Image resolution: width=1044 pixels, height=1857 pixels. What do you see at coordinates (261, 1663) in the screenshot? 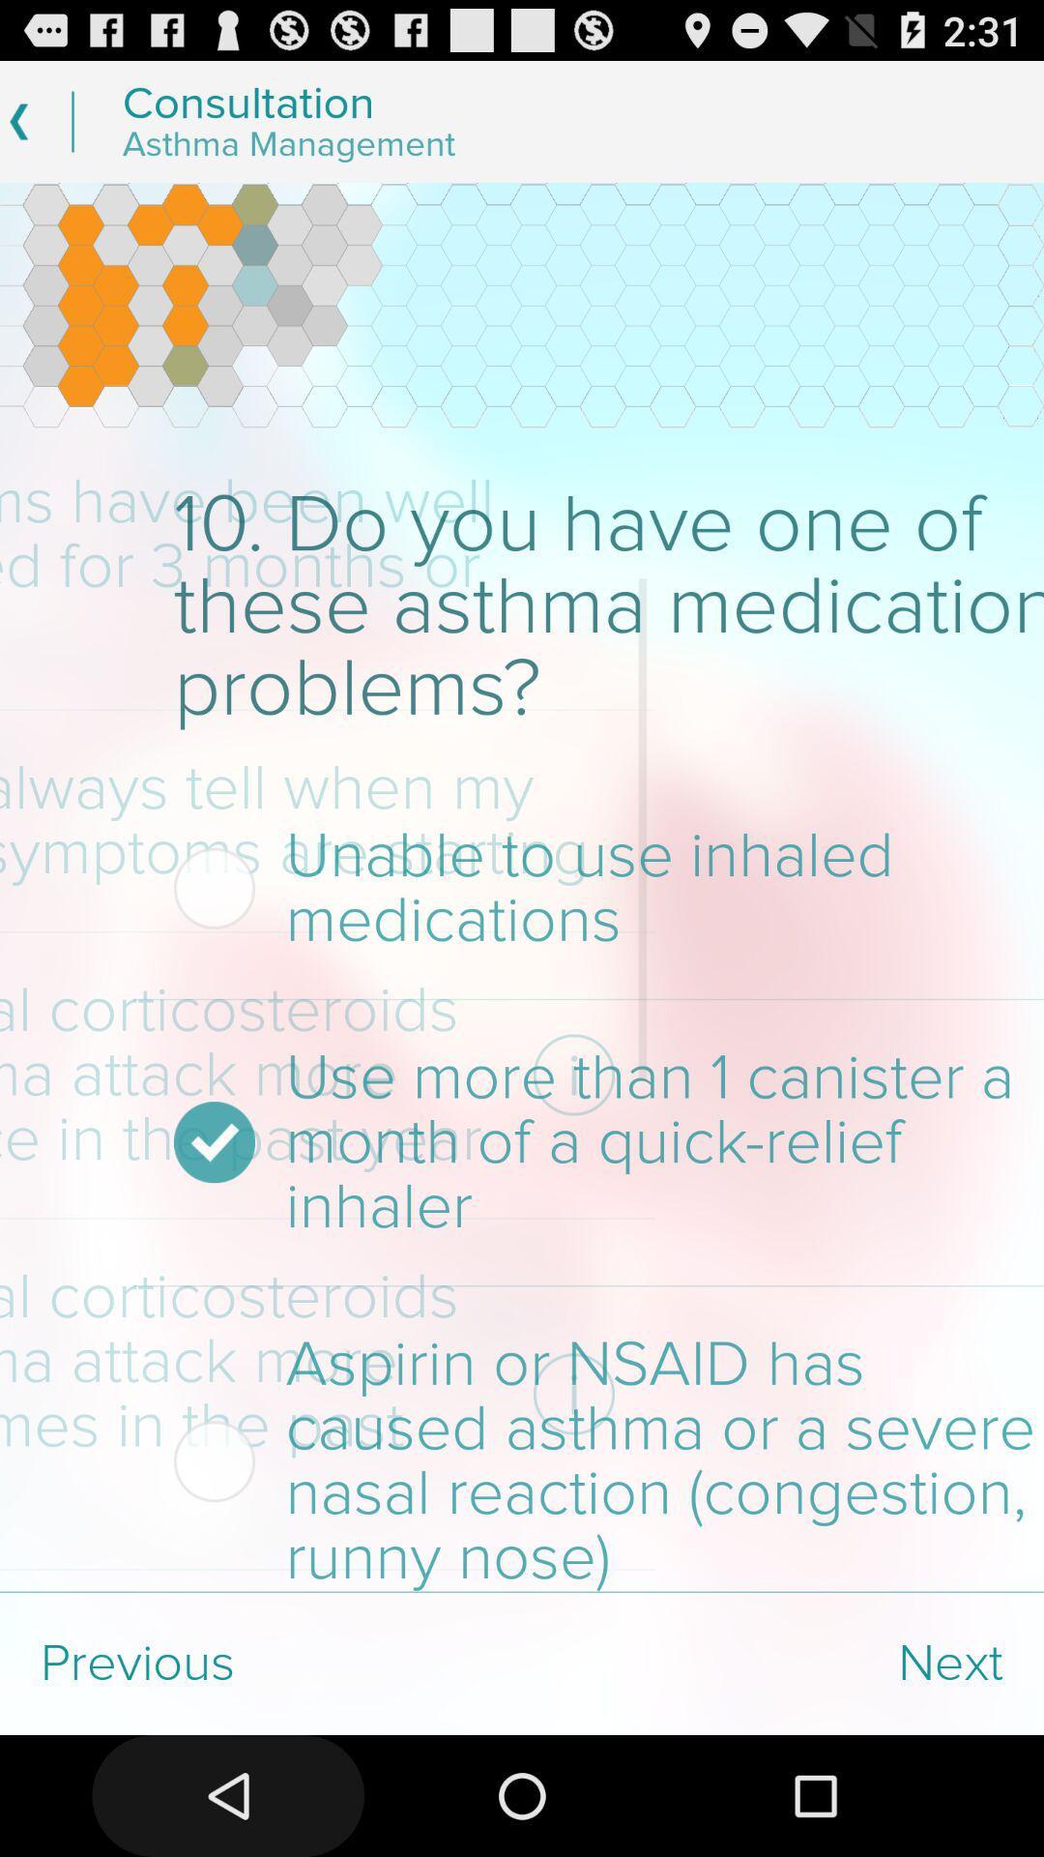
I see `icon to the left of the next icon` at bounding box center [261, 1663].